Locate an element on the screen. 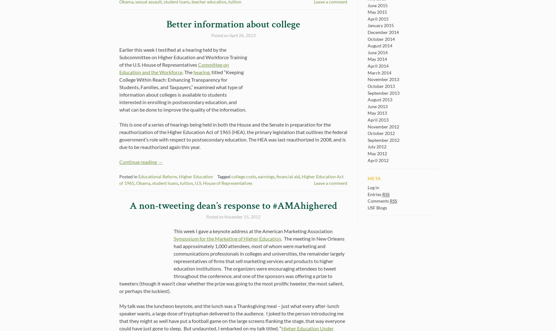 This screenshot has height=331, width=556. 'Leave a comment' is located at coordinates (330, 183).